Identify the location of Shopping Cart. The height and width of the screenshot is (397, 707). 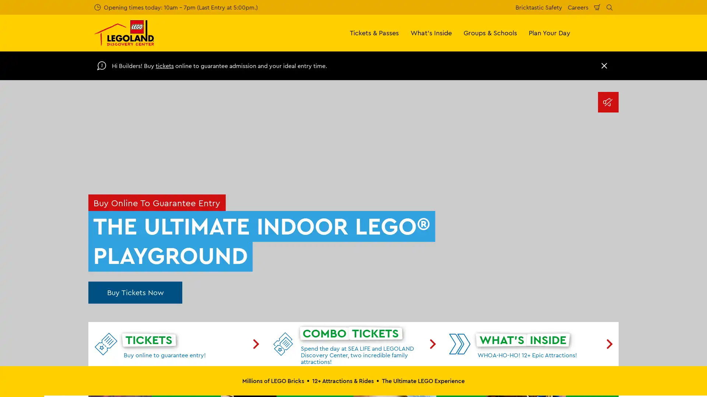
(597, 7).